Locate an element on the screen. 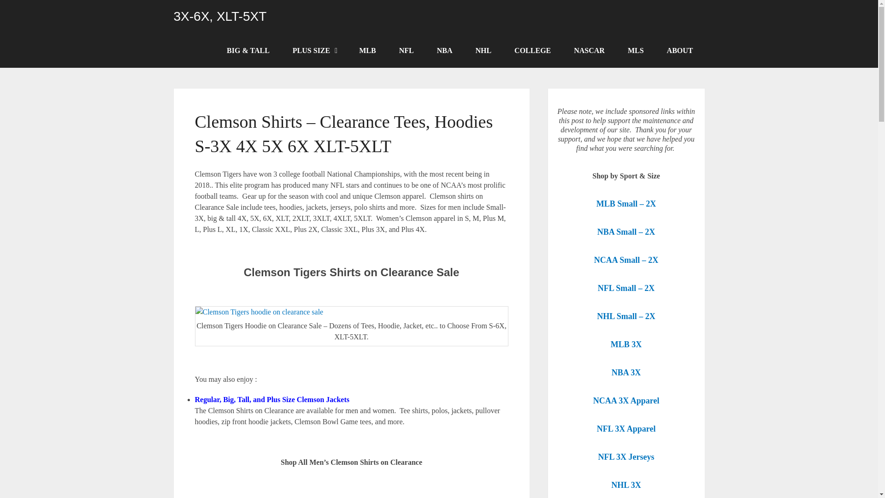 This screenshot has height=498, width=885. 'NFL' is located at coordinates (406, 51).